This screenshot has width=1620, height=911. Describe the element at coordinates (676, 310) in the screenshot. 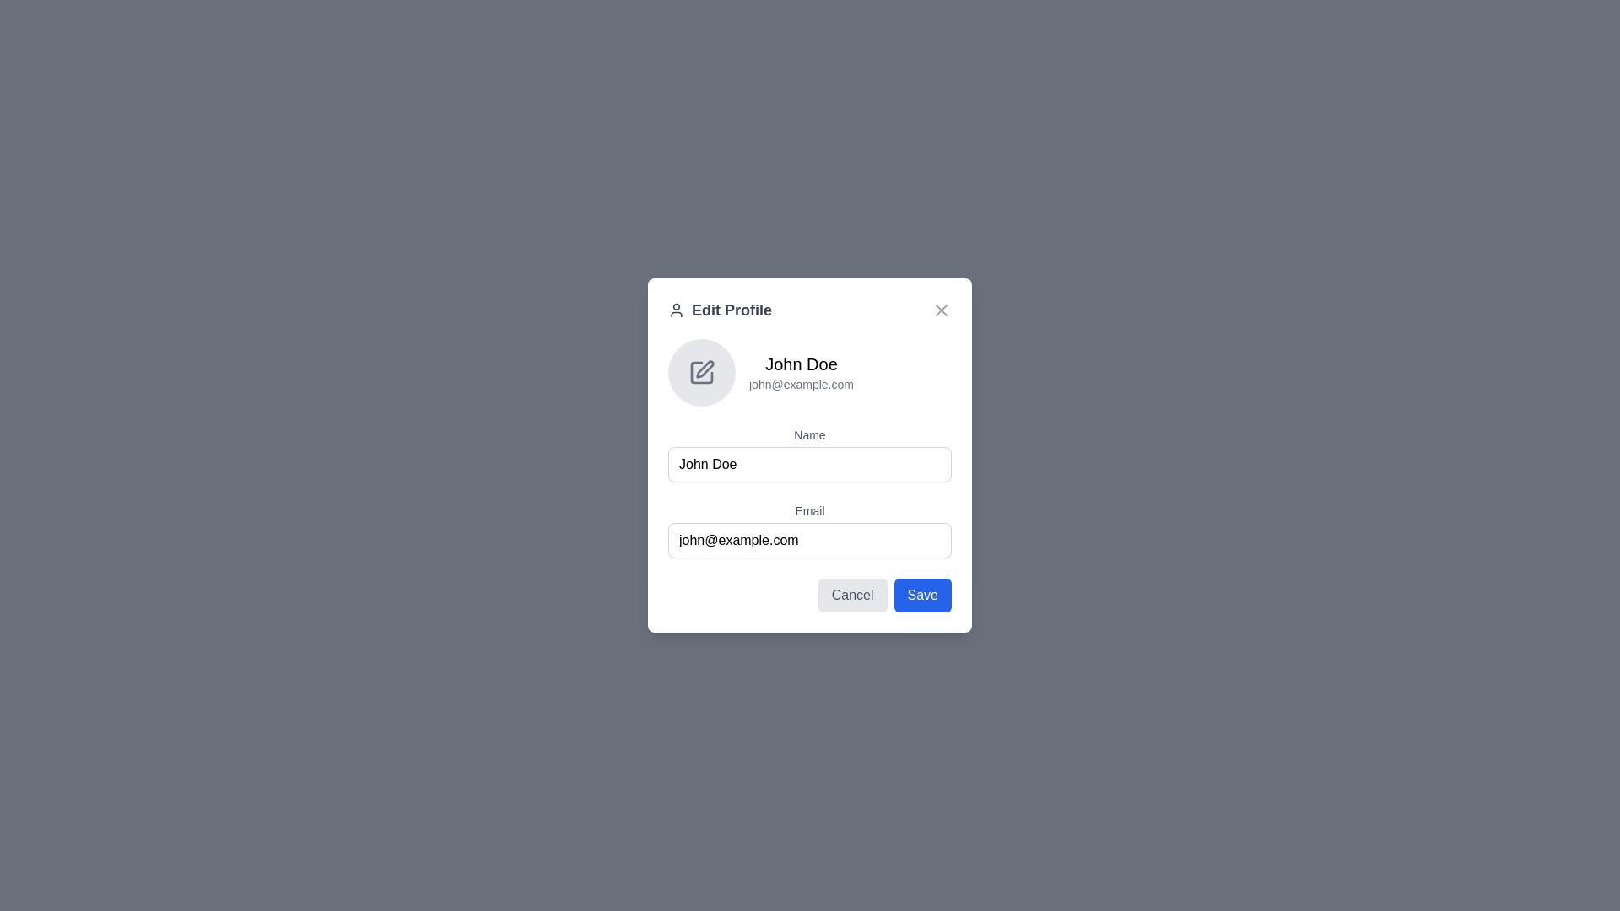

I see `the user profile icon, which is a minimalist outline of a human figure, located at the top-left corner of a modal window` at that location.